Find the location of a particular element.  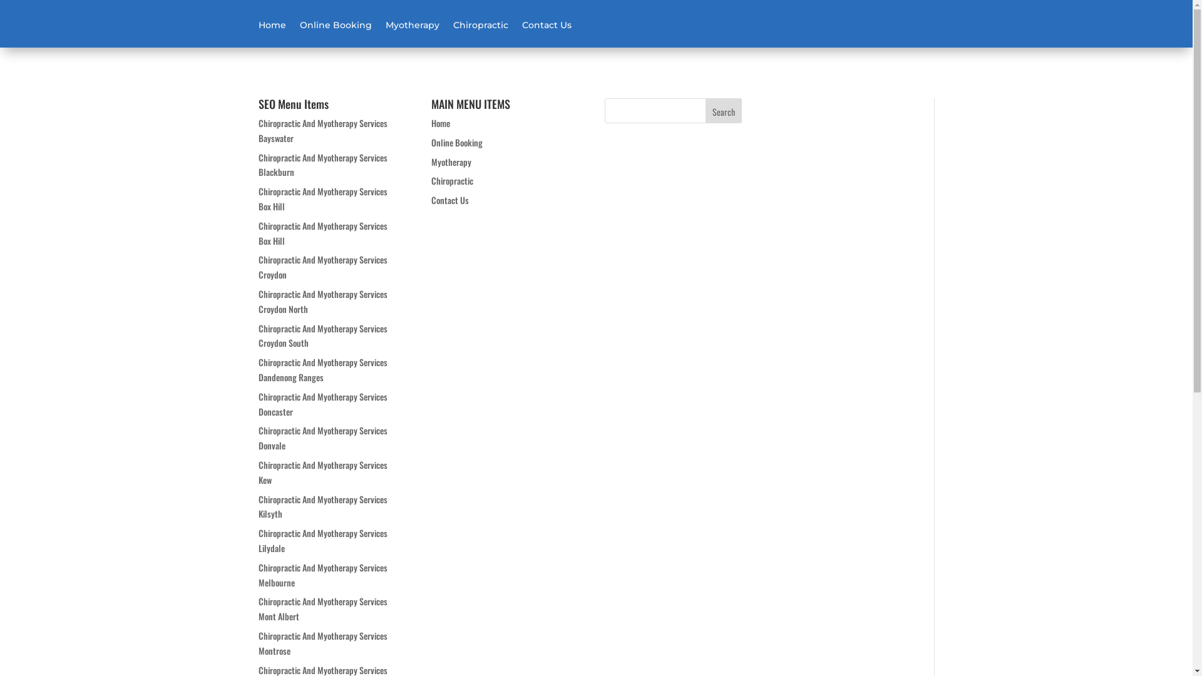

'Chiropractic And Myotherapy Services Doncaster' is located at coordinates (257, 404).